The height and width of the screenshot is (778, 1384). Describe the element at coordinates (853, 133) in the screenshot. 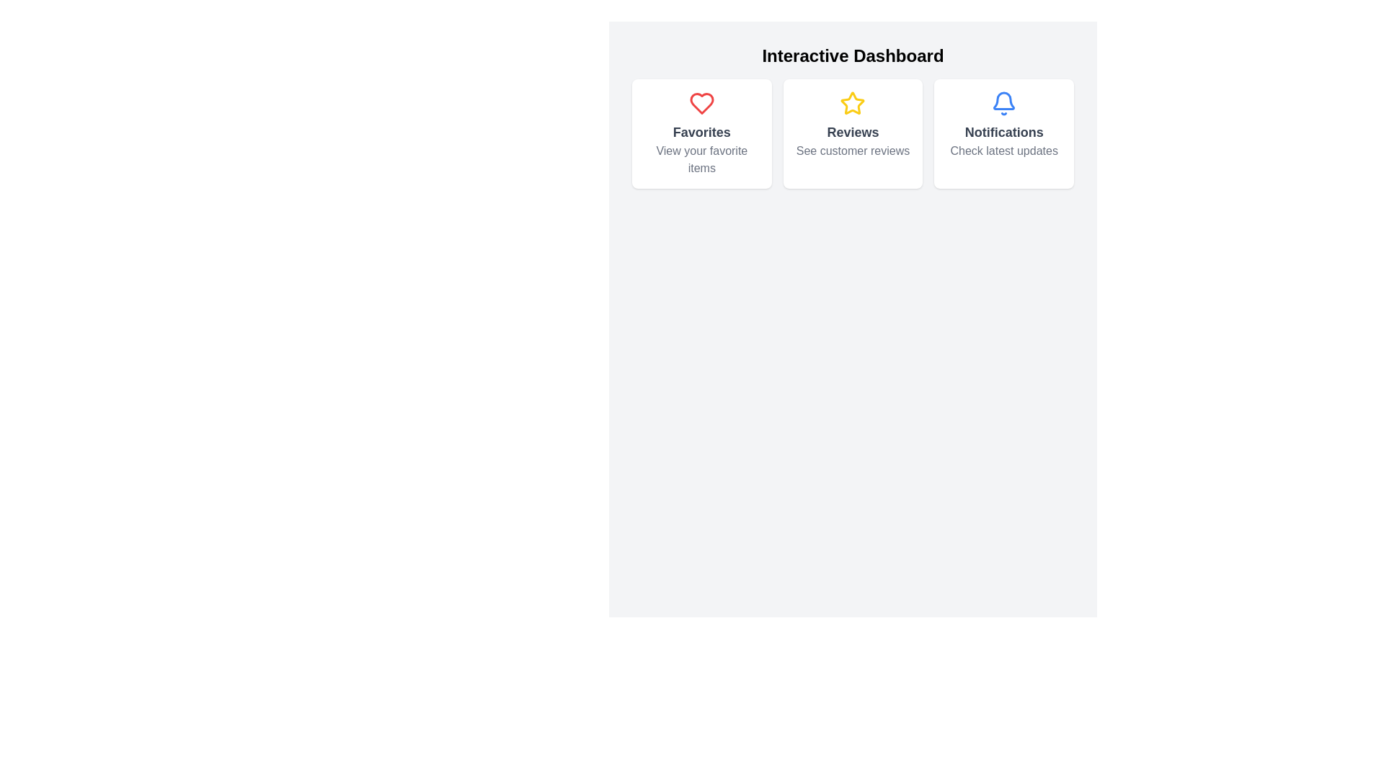

I see `the 'Reviews' text element, which is styled in a large and bold font, located at the middle-top of the interface, directly beneath a star icon` at that location.